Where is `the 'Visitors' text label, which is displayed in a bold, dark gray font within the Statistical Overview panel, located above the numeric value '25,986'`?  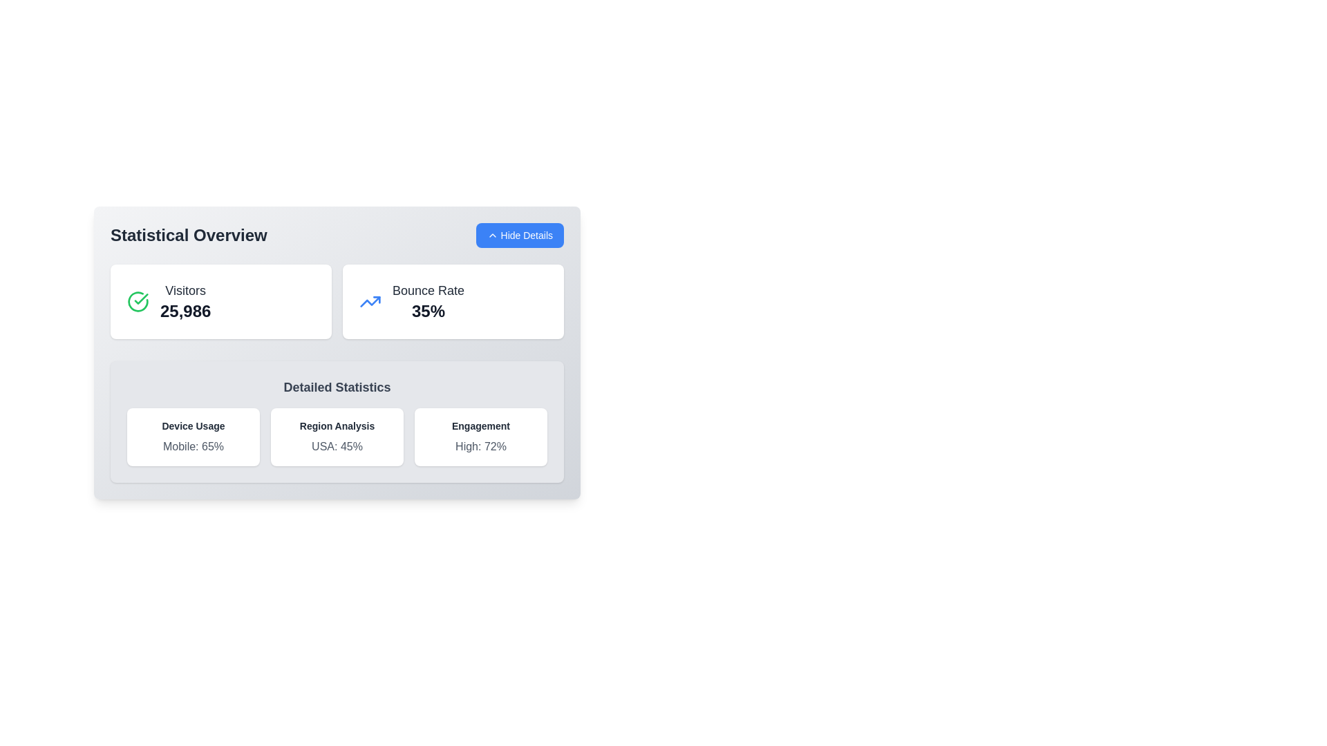
the 'Visitors' text label, which is displayed in a bold, dark gray font within the Statistical Overview panel, located above the numeric value '25,986' is located at coordinates (185, 289).